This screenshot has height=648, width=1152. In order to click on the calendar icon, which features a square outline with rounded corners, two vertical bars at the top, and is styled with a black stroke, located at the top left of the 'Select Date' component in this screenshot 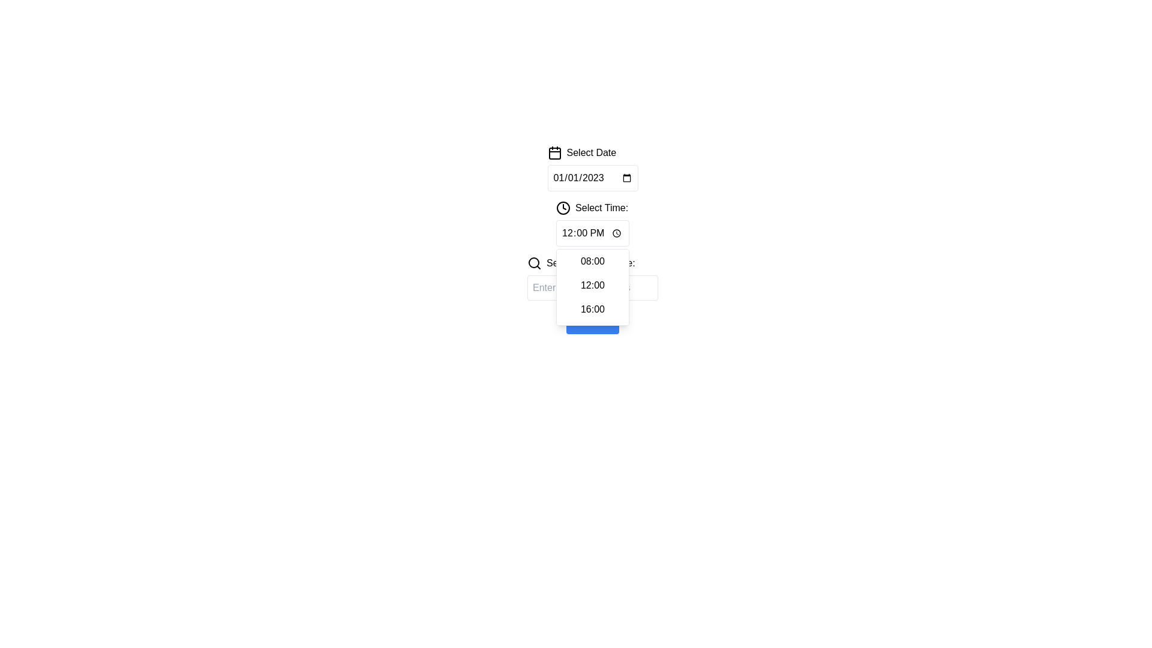, I will do `click(554, 152)`.